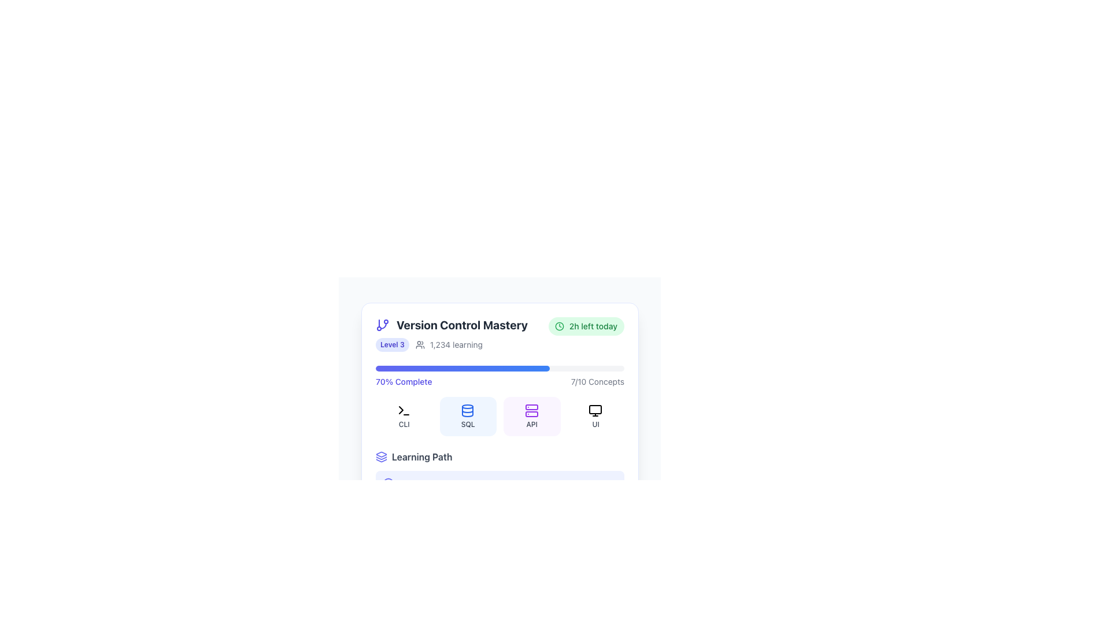 The image size is (1110, 624). What do you see at coordinates (499, 368) in the screenshot?
I see `the progress bar representing 70% completion for the learning module titled 'Version Control Mastery'` at bounding box center [499, 368].